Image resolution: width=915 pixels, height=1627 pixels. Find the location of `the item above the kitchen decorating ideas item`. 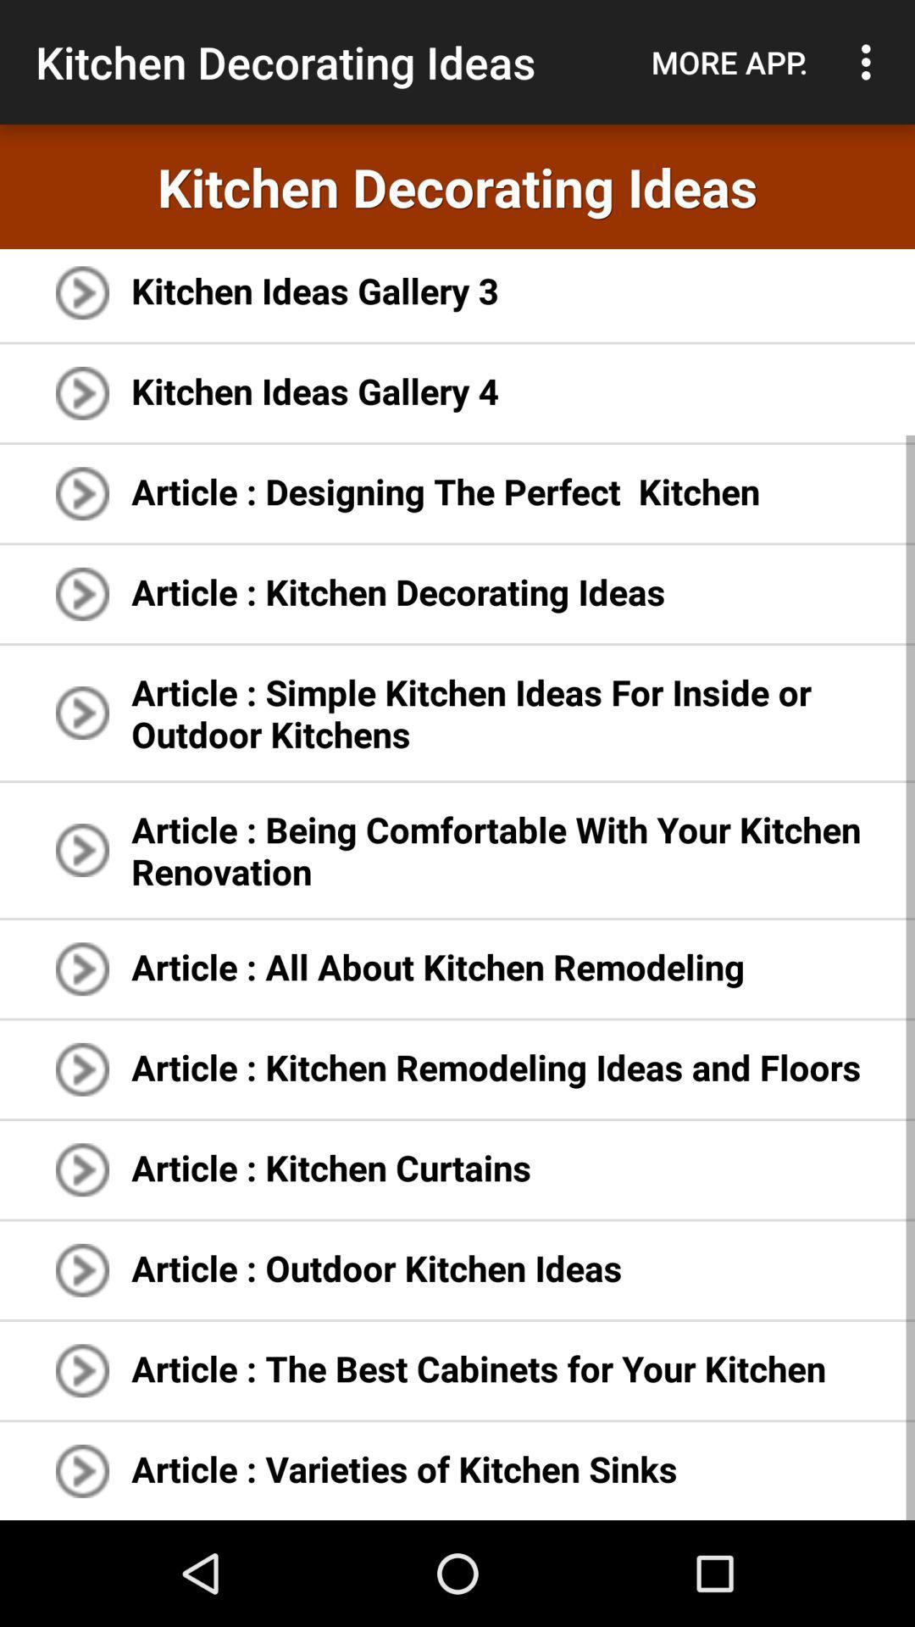

the item above the kitchen decorating ideas item is located at coordinates (870, 62).